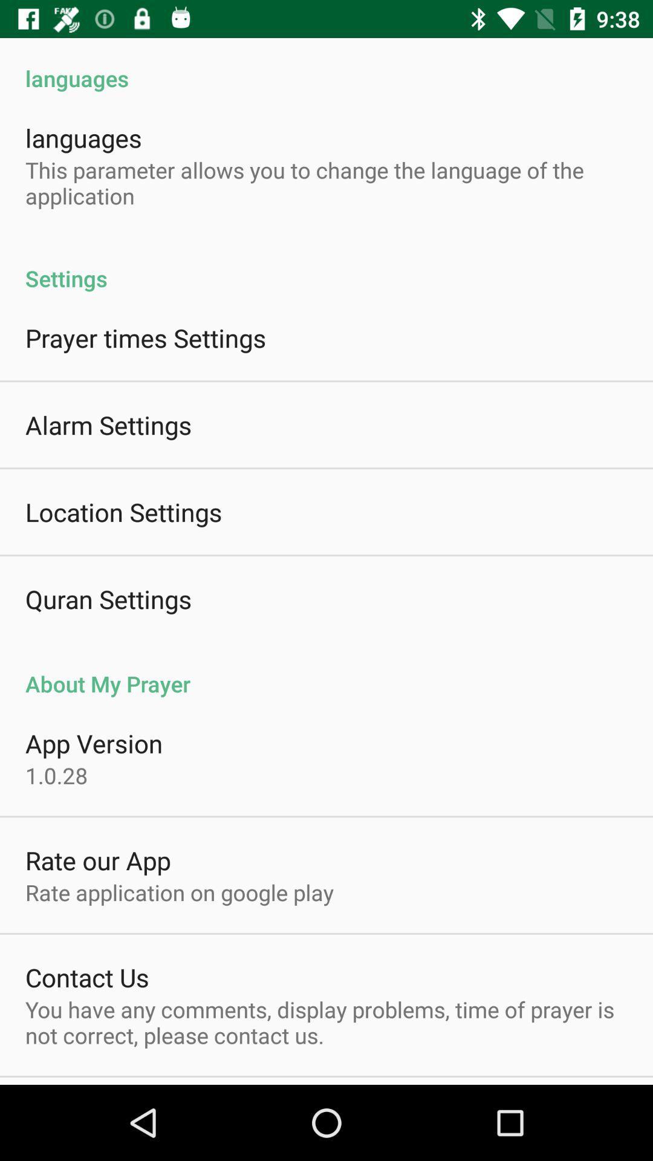 This screenshot has width=653, height=1161. What do you see at coordinates (108, 599) in the screenshot?
I see `the item above the about my prayer icon` at bounding box center [108, 599].